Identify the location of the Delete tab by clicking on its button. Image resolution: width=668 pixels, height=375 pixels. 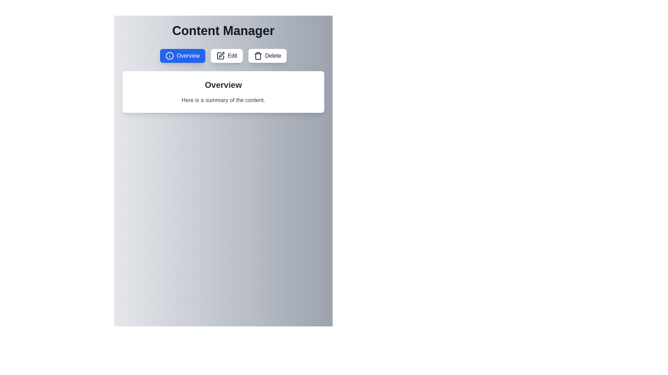
(267, 56).